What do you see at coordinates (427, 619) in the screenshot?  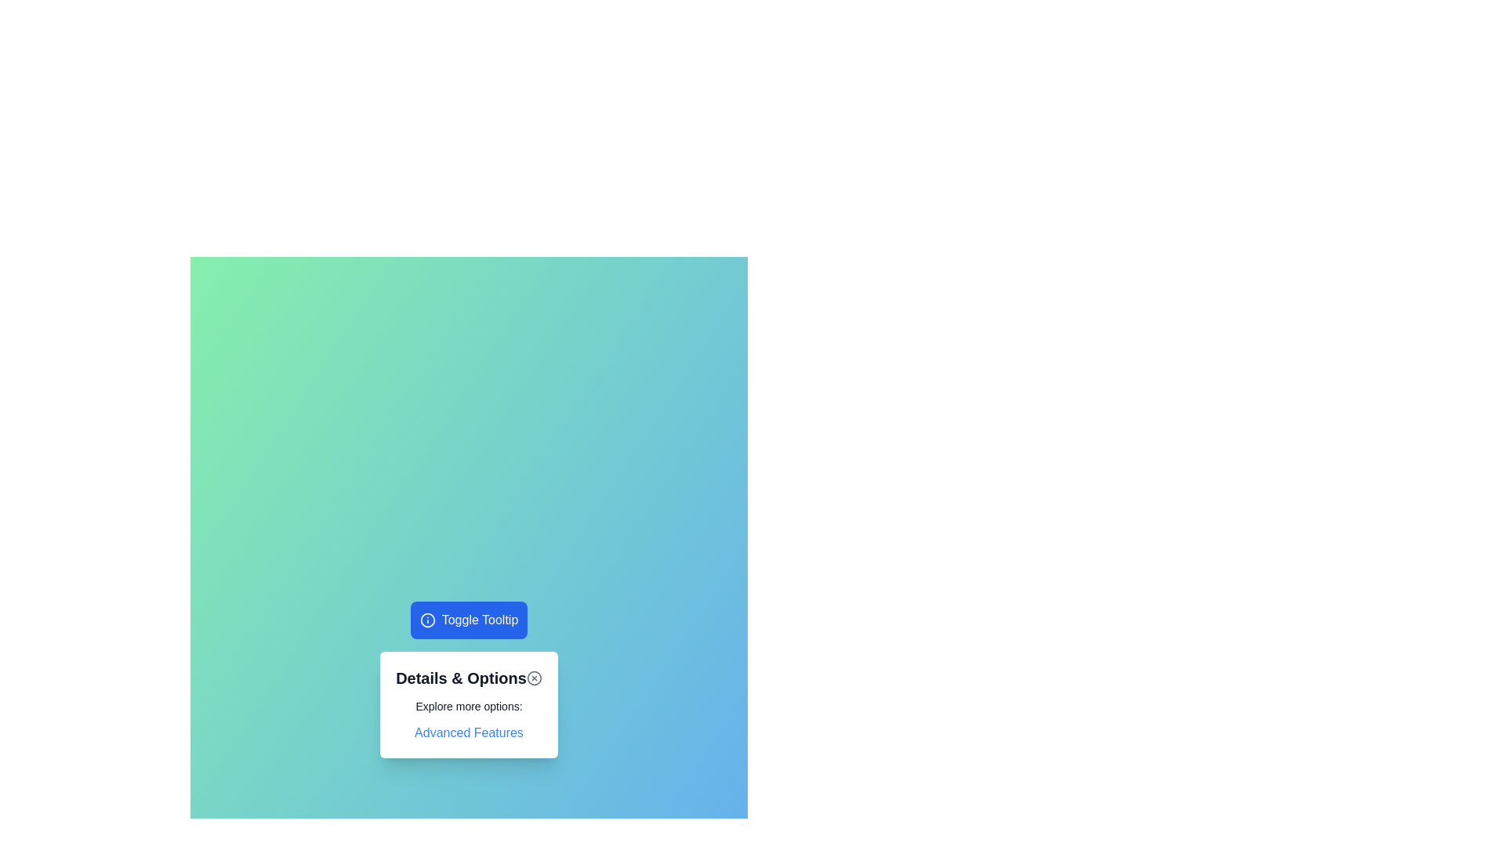 I see `the information indicator icon located to the left of the 'Toggle Tooltip' button, which provides additional context related to its functionality` at bounding box center [427, 619].